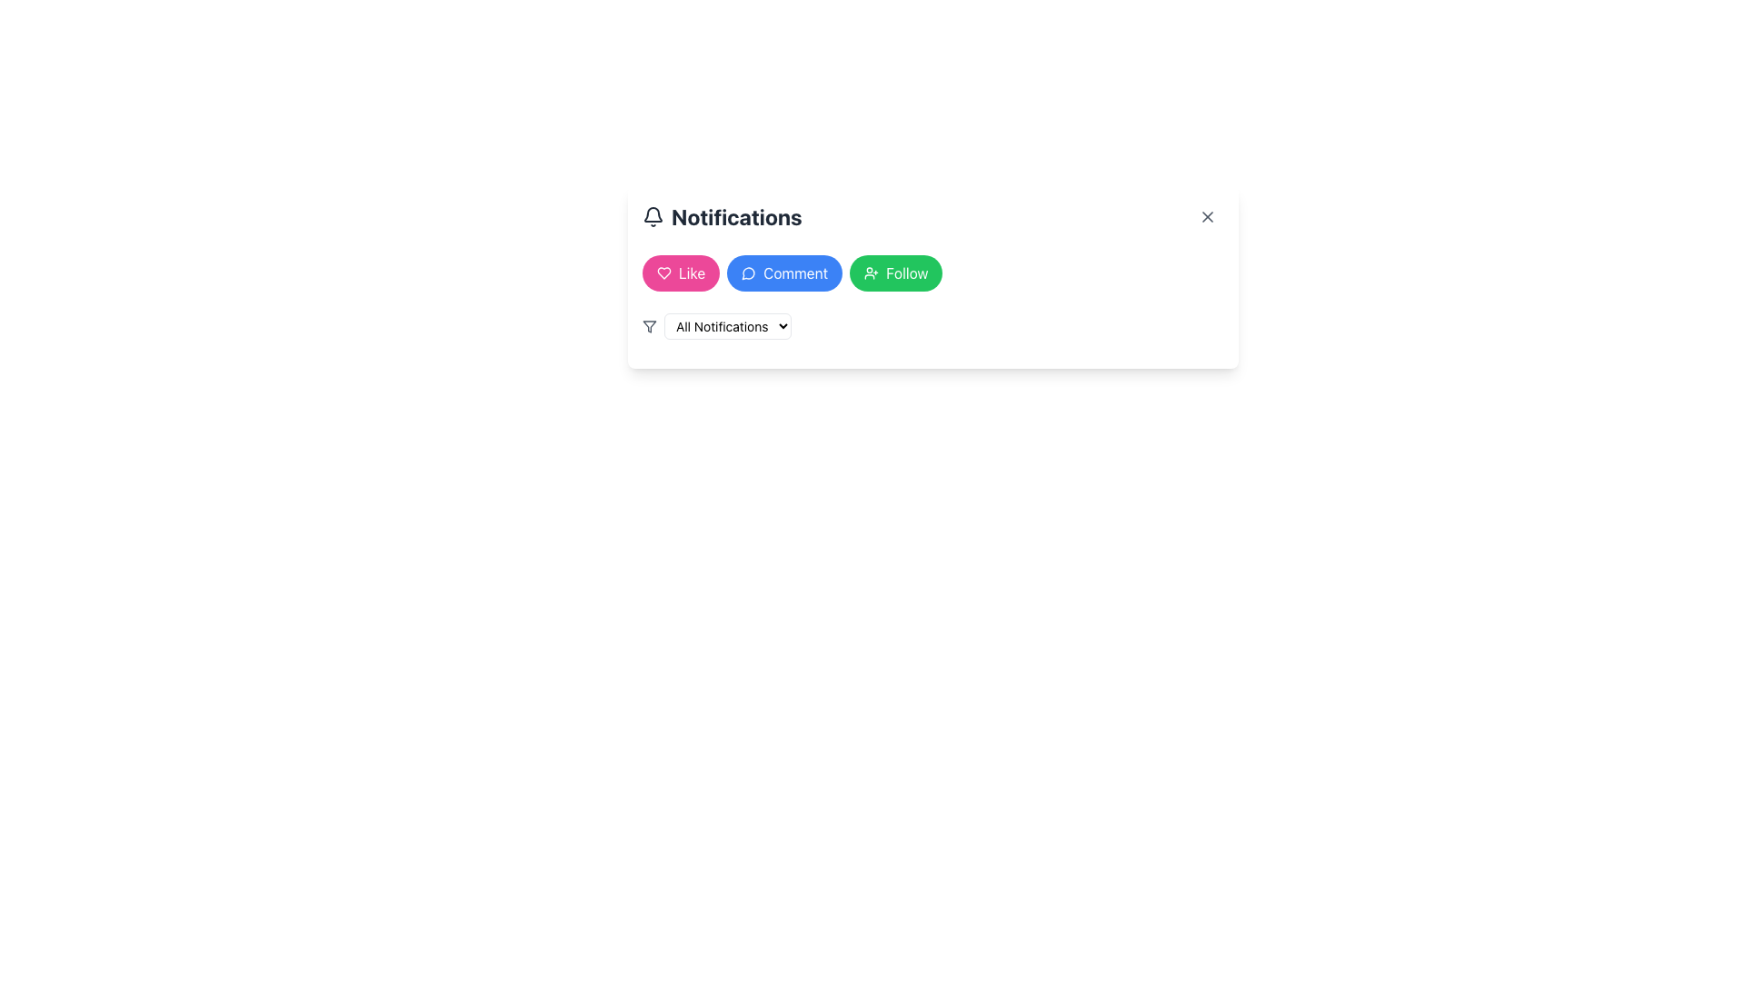  I want to click on the green rounded button labeled 'Follow' to change its background color, so click(896, 272).